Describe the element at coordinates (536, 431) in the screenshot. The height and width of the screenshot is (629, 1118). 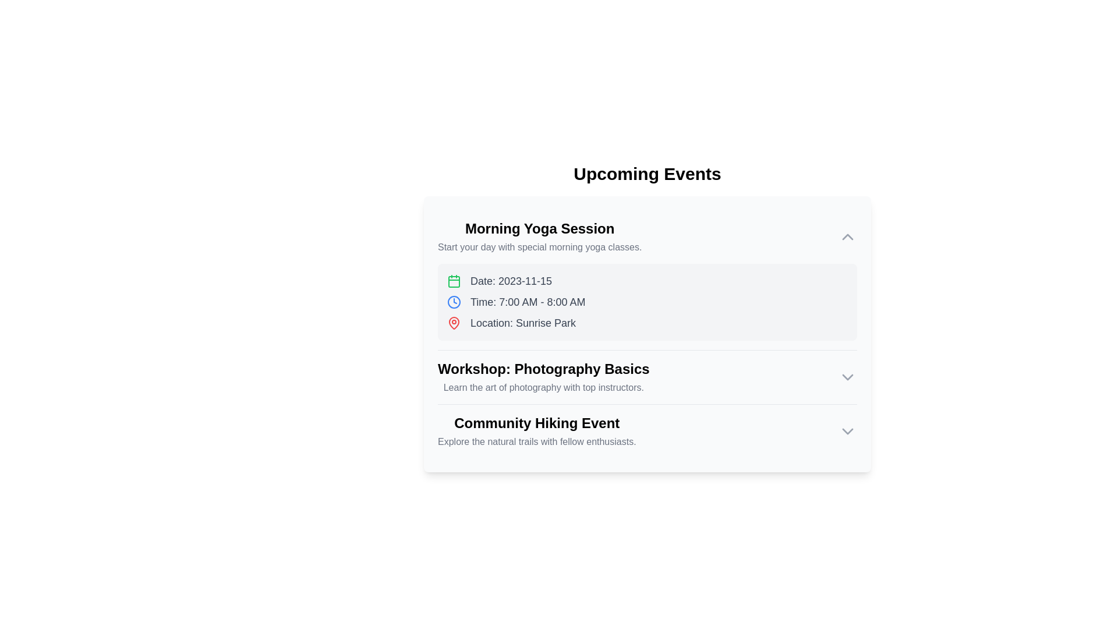
I see `the third entry in the 'Upcoming Events' section, which displays the title and brief description of an event` at that location.